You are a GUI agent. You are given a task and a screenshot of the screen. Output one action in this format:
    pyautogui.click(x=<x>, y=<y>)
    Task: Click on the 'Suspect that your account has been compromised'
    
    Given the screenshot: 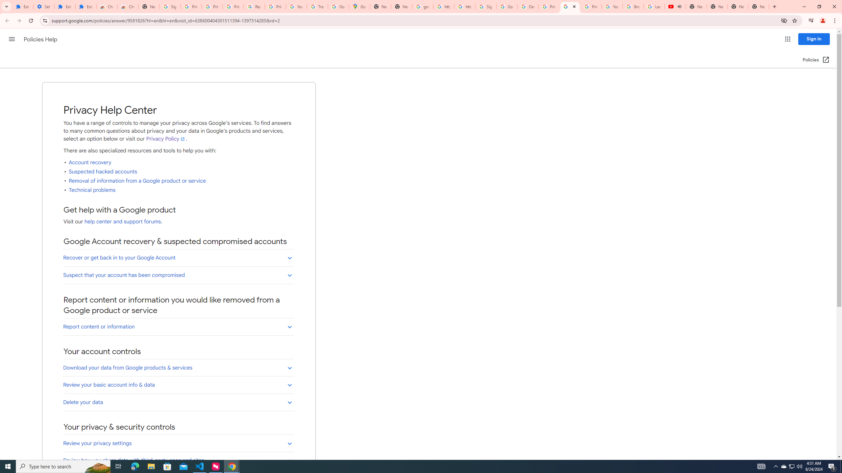 What is the action you would take?
    pyautogui.click(x=178, y=275)
    